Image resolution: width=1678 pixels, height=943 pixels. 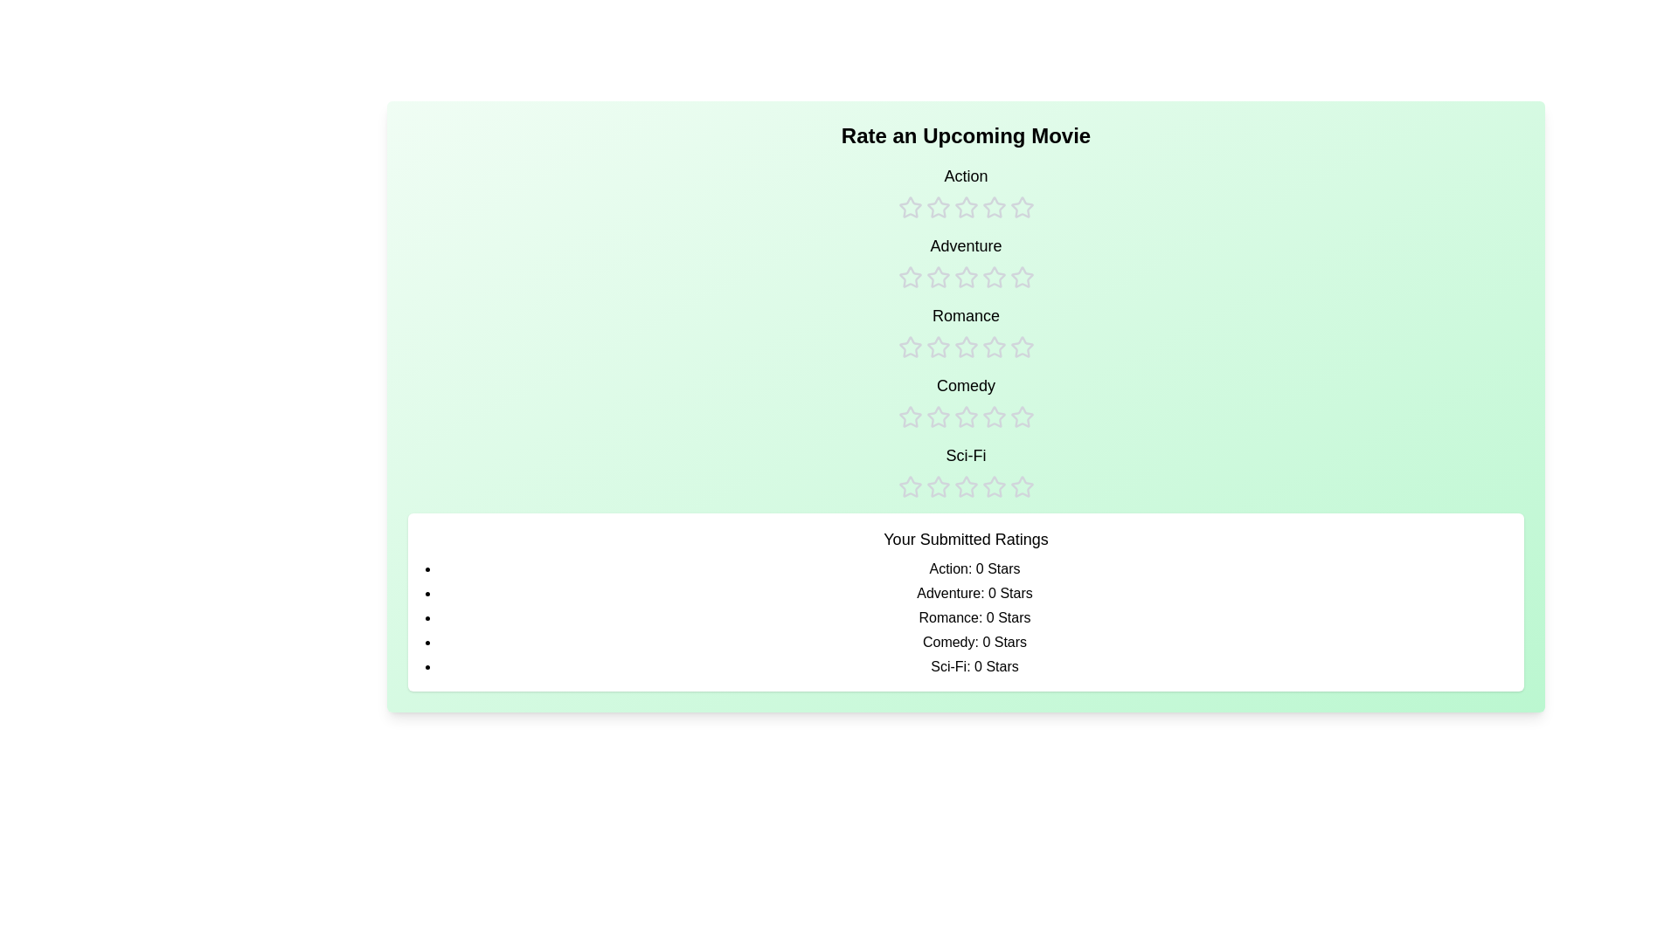 I want to click on the rating for the Adventure category to 1 stars, so click(x=909, y=262).